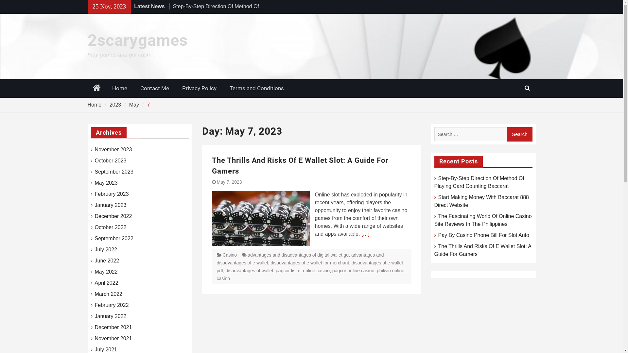  Describe the element at coordinates (133, 88) in the screenshot. I see `'Contact Me'` at that location.